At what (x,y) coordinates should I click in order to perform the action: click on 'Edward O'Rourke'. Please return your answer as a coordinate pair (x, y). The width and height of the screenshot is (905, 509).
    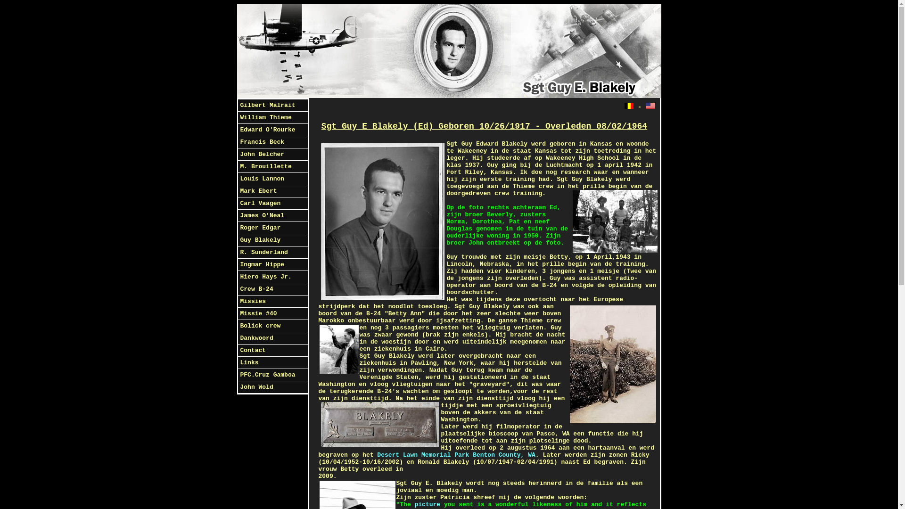
    Looking at the image, I should click on (271, 130).